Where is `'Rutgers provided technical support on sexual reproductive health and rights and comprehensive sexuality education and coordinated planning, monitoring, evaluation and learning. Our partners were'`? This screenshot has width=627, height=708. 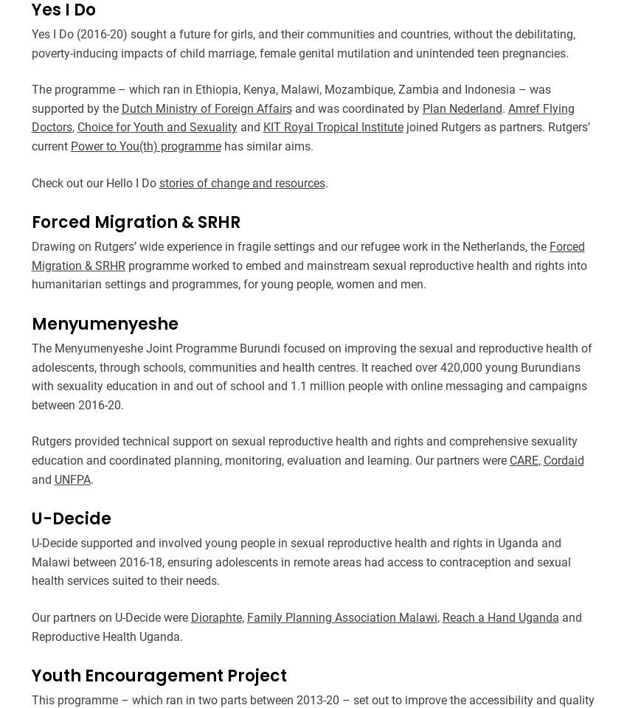 'Rutgers provided technical support on sexual reproductive health and rights and comprehensive sexuality education and coordinated planning, monitoring, evaluation and learning. Our partners were' is located at coordinates (303, 450).